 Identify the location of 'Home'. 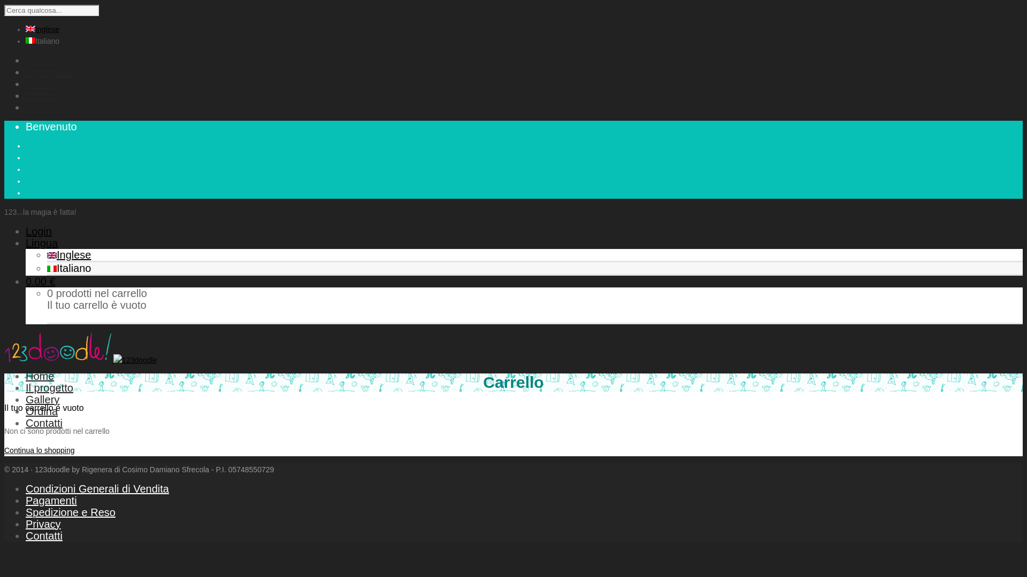
(26, 60).